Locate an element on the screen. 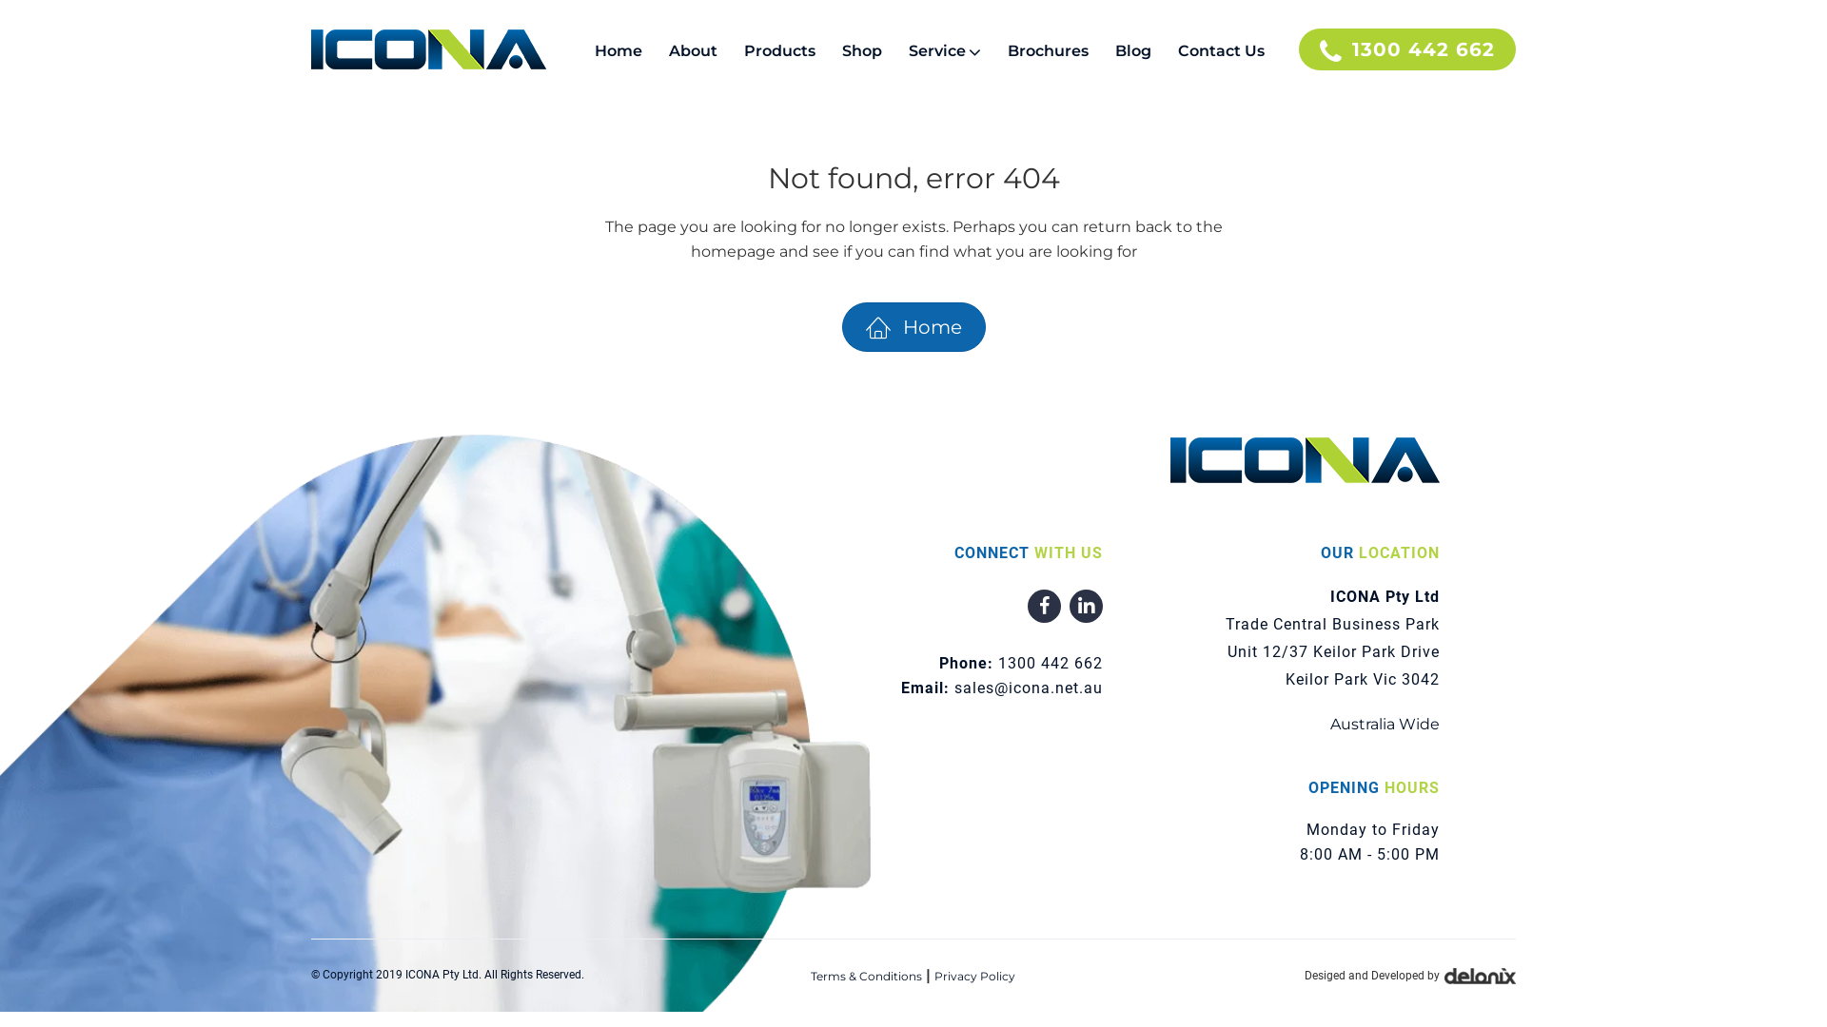 The image size is (1827, 1027). 'Brochures' is located at coordinates (1047, 50).